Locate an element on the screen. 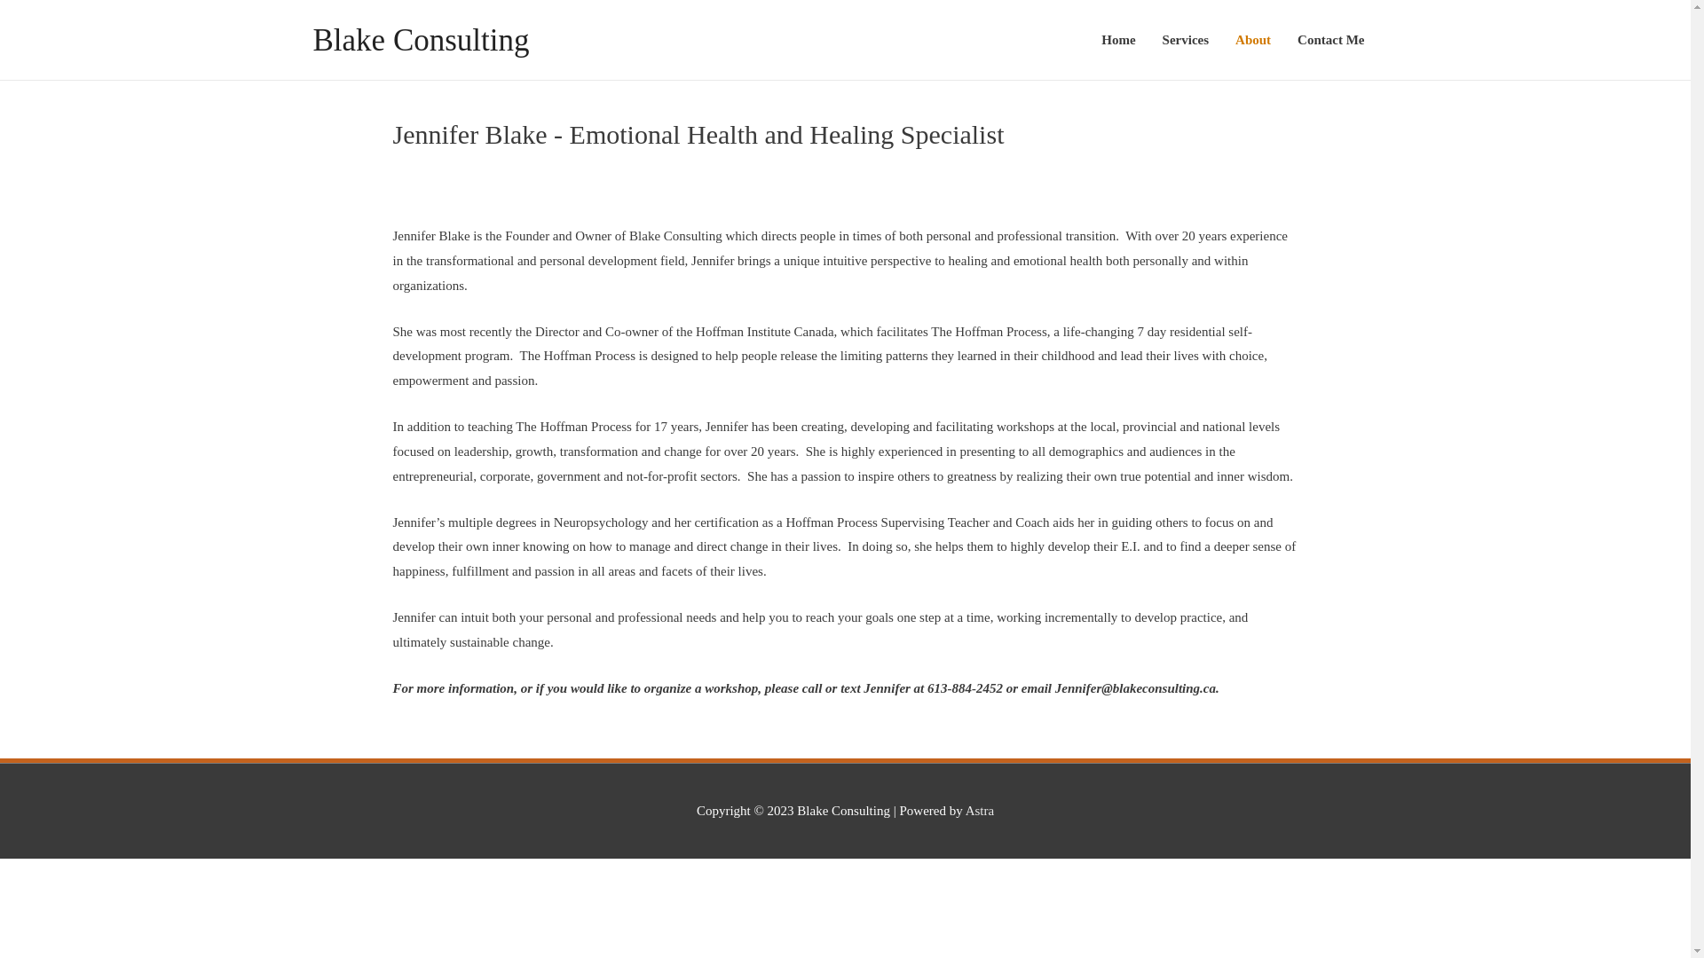  'About' is located at coordinates (1251, 40).